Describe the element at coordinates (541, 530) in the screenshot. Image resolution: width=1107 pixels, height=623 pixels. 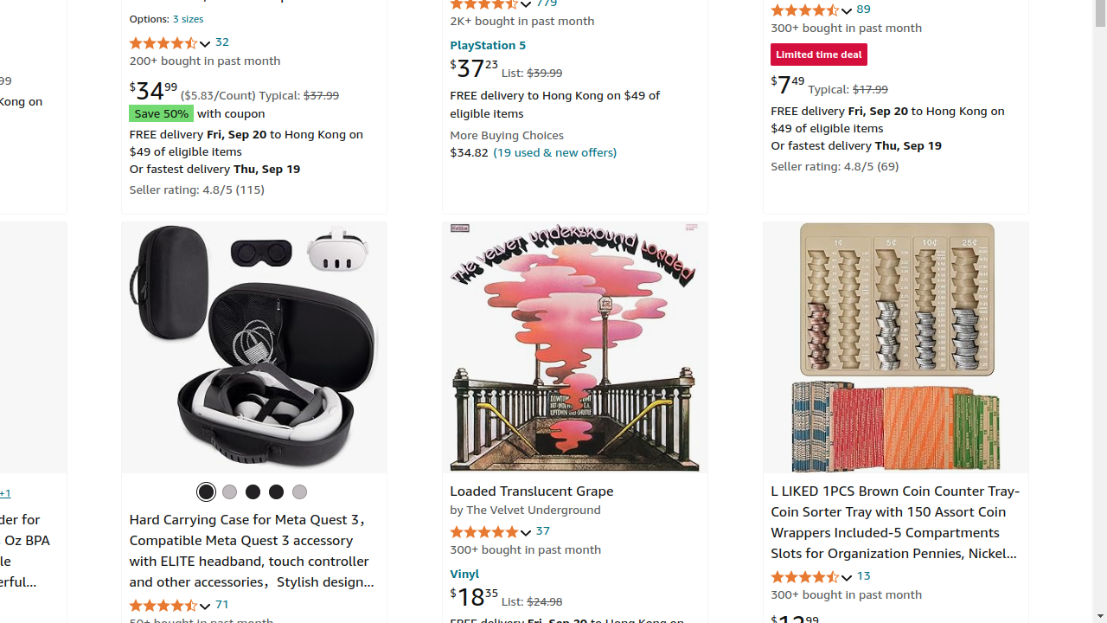
I see `'37'` at that location.